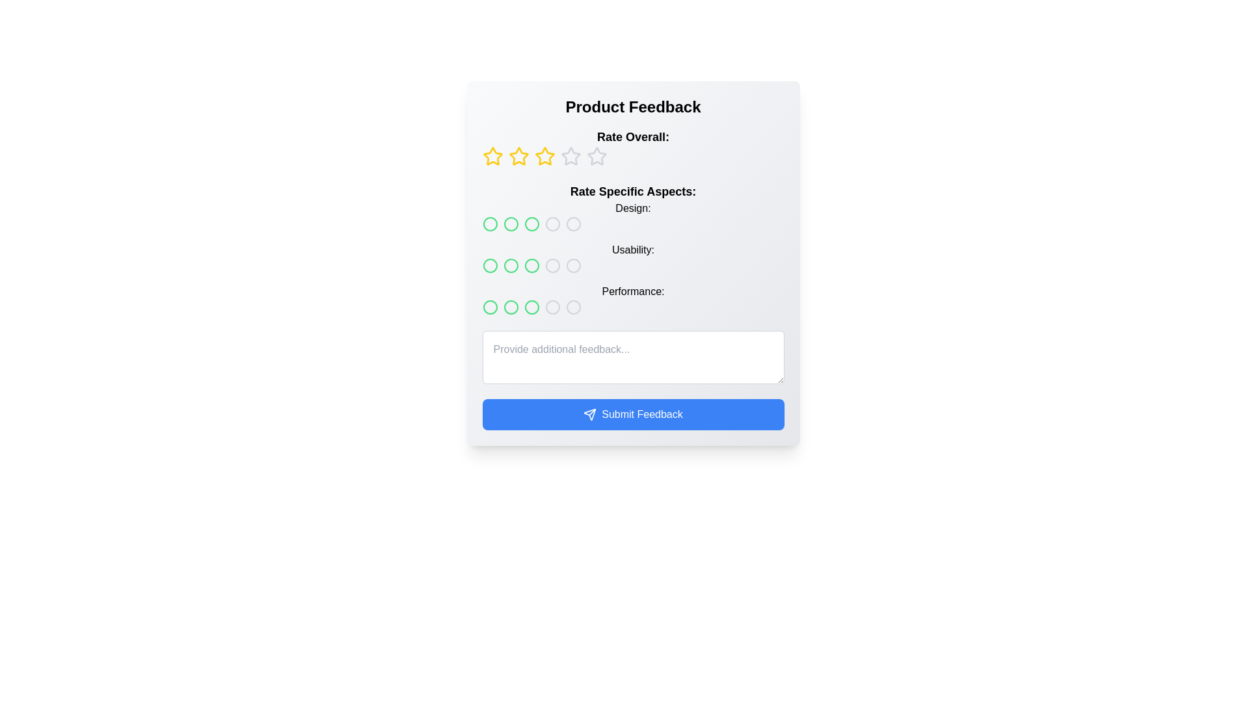  Describe the element at coordinates (492, 155) in the screenshot. I see `the first rating star button under the 'Rate Overall' label in the 'Product Feedback' section` at that location.